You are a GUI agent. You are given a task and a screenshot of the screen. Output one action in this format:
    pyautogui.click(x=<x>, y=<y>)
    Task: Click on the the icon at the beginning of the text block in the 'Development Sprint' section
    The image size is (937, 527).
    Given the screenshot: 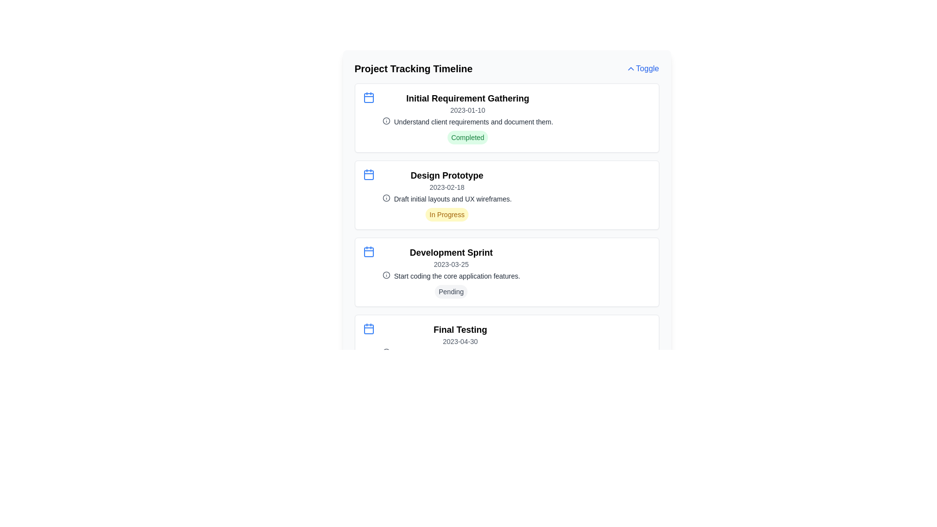 What is the action you would take?
    pyautogui.click(x=386, y=275)
    